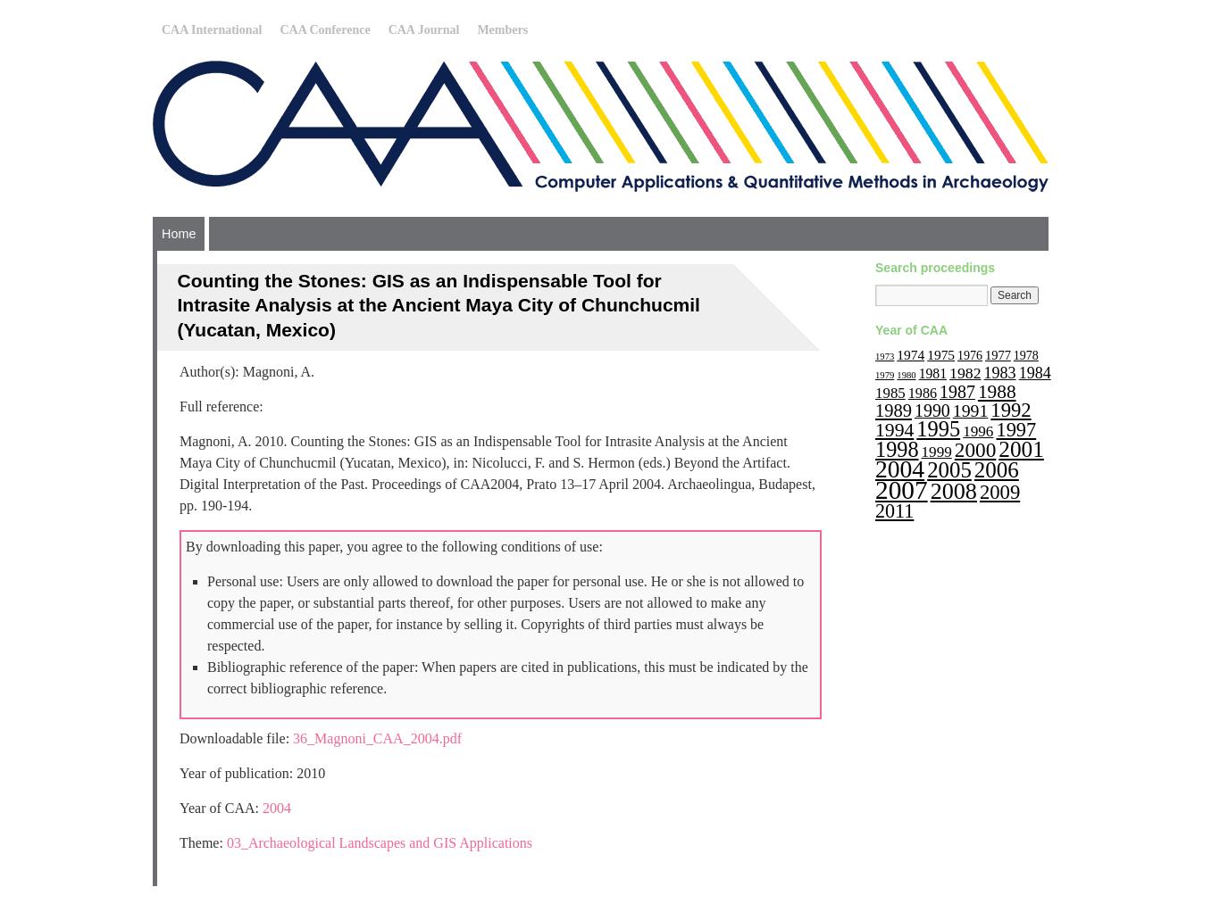 The height and width of the screenshot is (904, 1220). I want to click on '1988', so click(995, 391).